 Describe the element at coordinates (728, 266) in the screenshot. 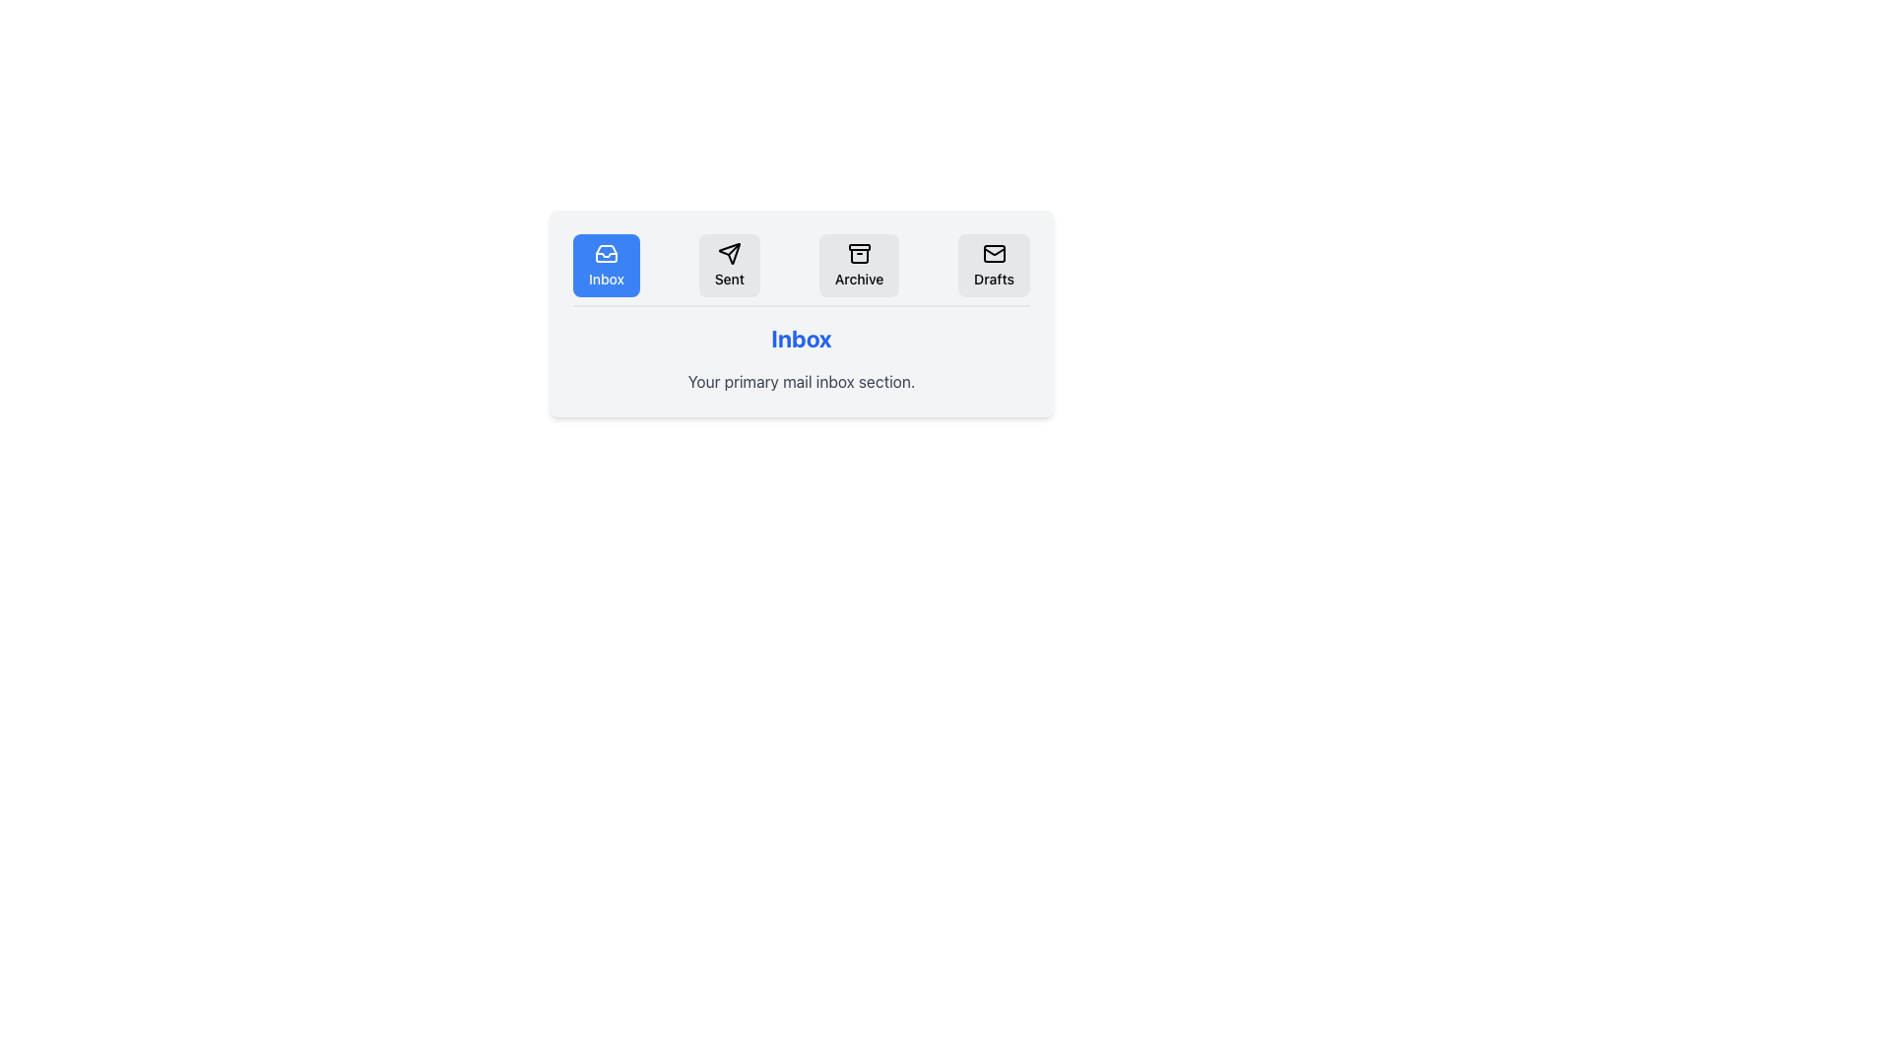

I see `the 'Sent' navigation button located to the right of the 'Inbox' button and to the left of the 'Archive' button` at that location.